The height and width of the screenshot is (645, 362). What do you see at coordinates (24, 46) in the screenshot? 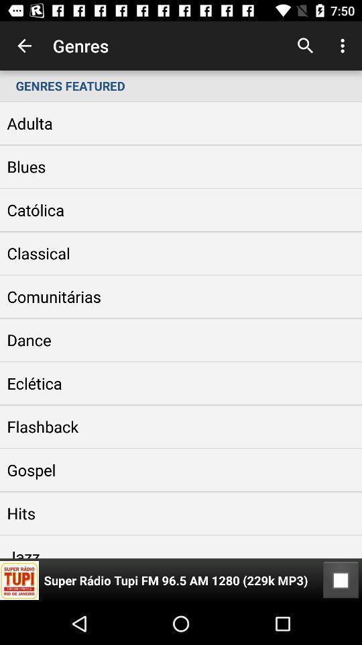
I see `item above the genres featured item` at bounding box center [24, 46].